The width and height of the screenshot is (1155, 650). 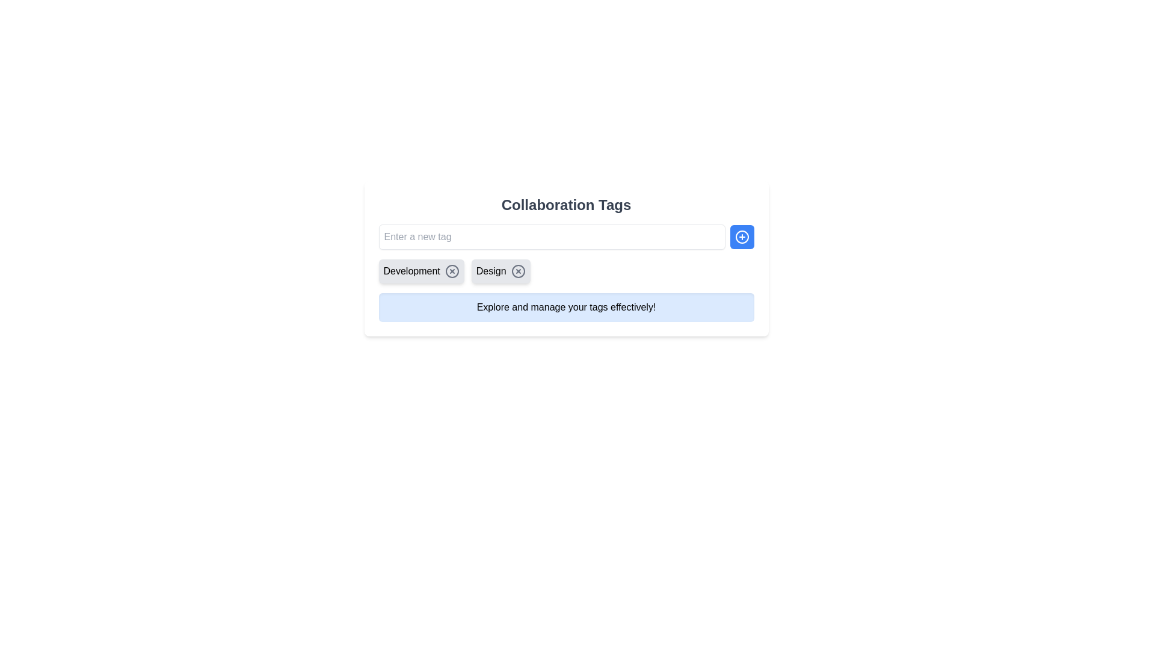 I want to click on the SVG Circle icon that is part of a '+' sign, located to the far right of a text input field, so click(x=741, y=237).